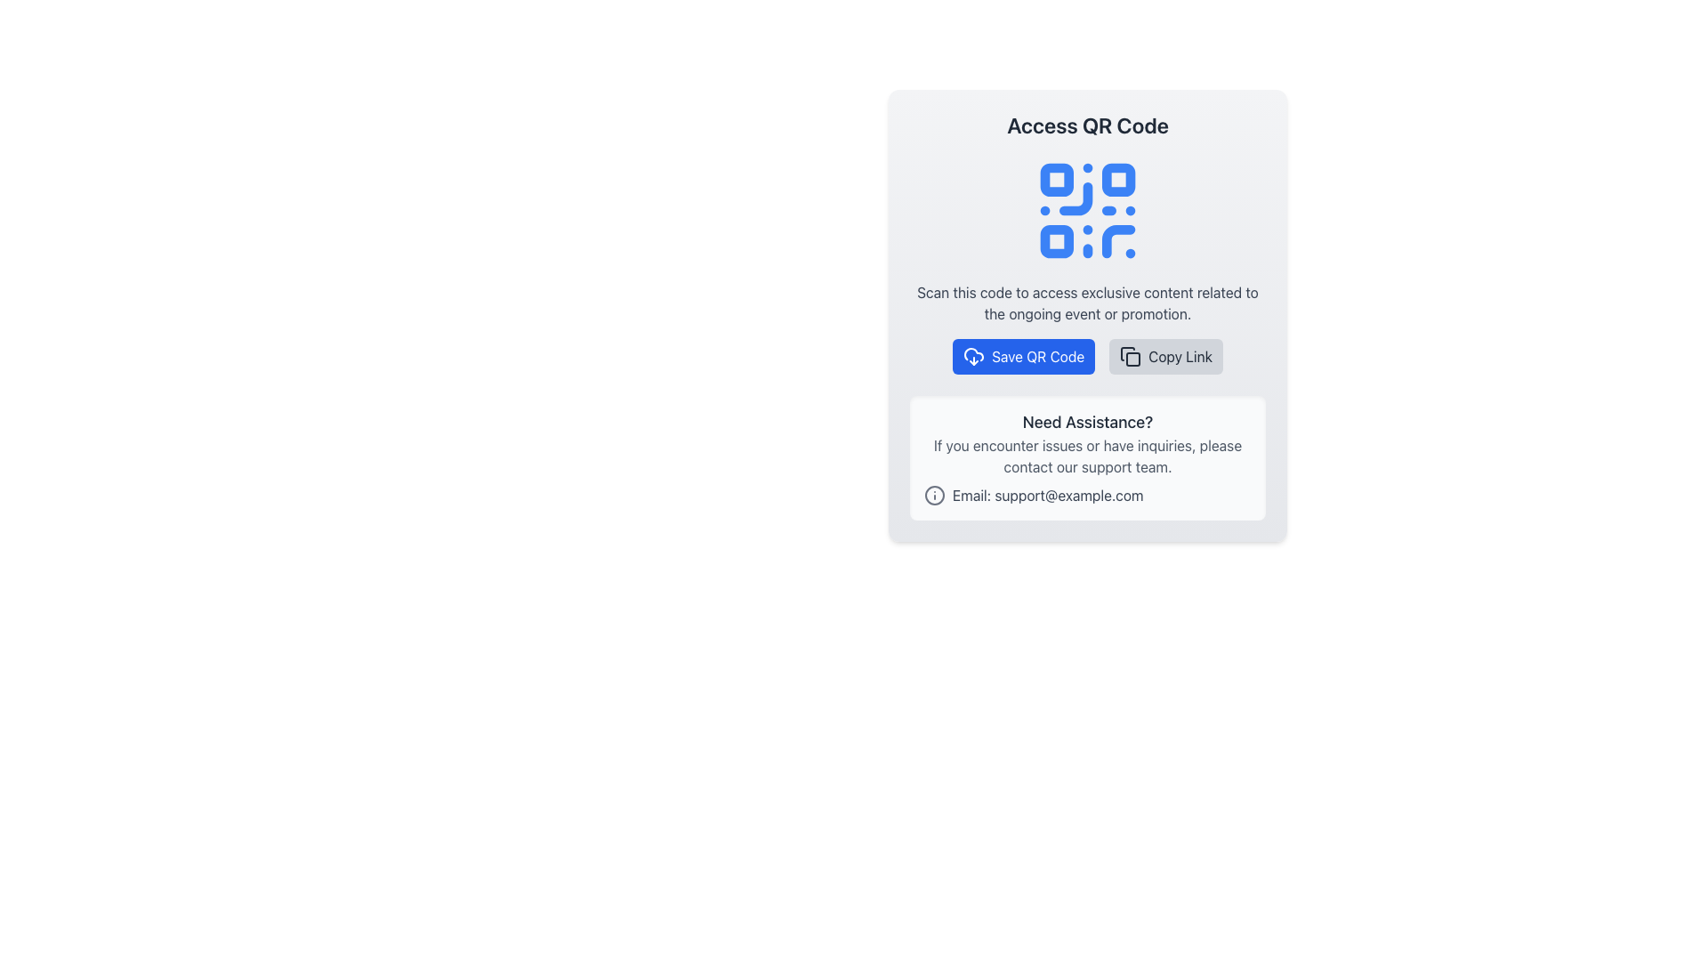  I want to click on the 'Copy Link' button, which is the second button in the horizontal row with rounded corners, gray background, and an icon of two overlapping squares, so click(1165, 357).